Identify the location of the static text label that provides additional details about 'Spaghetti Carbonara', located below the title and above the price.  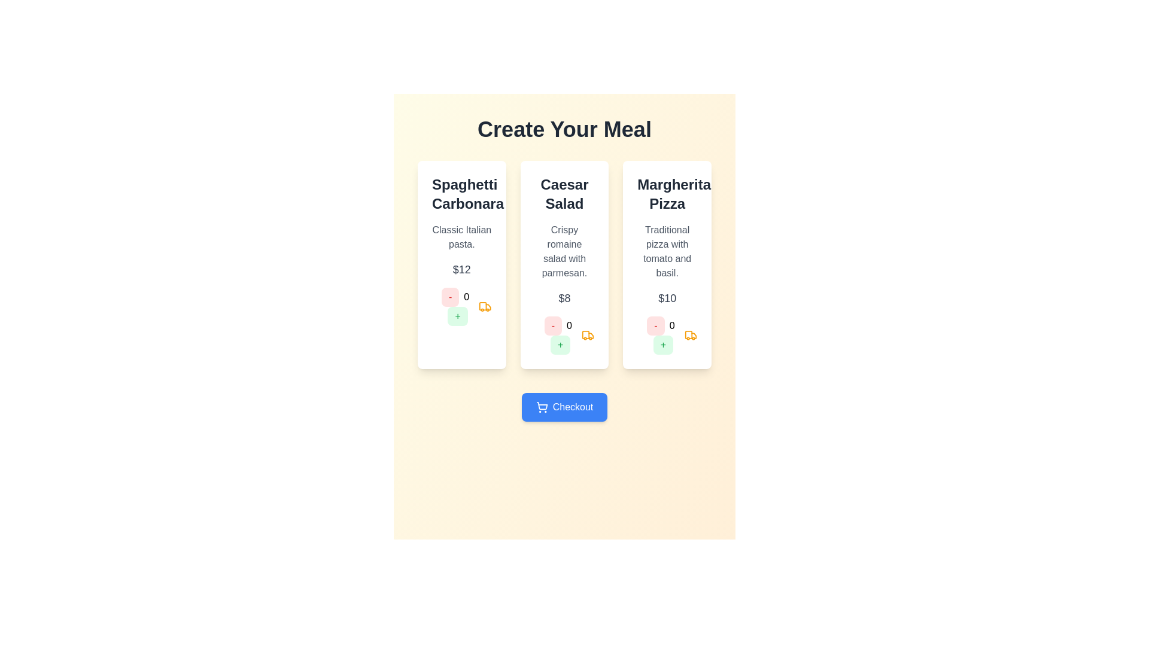
(461, 237).